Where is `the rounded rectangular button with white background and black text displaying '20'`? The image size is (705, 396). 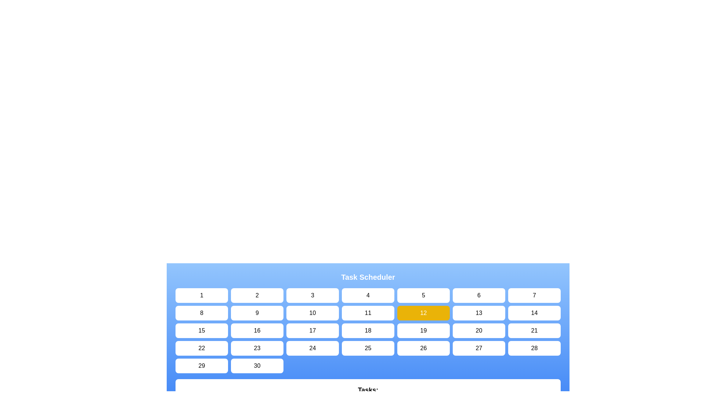 the rounded rectangular button with white background and black text displaying '20' is located at coordinates (479, 331).